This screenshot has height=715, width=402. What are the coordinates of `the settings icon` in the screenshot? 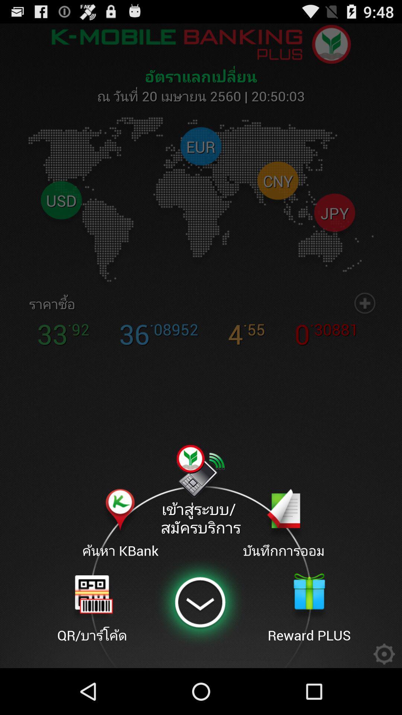 It's located at (384, 697).